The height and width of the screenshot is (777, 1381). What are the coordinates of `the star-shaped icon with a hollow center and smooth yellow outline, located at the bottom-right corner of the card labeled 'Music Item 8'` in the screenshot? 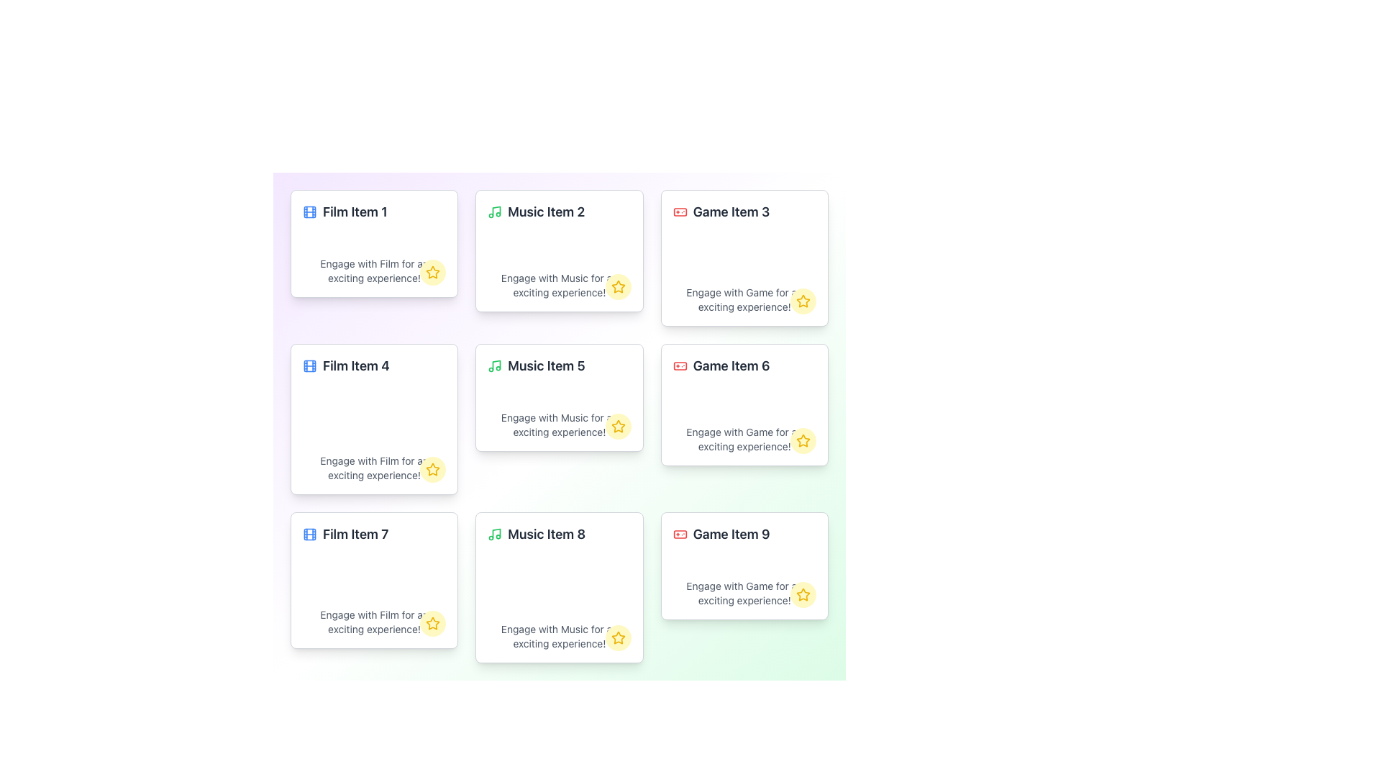 It's located at (618, 637).